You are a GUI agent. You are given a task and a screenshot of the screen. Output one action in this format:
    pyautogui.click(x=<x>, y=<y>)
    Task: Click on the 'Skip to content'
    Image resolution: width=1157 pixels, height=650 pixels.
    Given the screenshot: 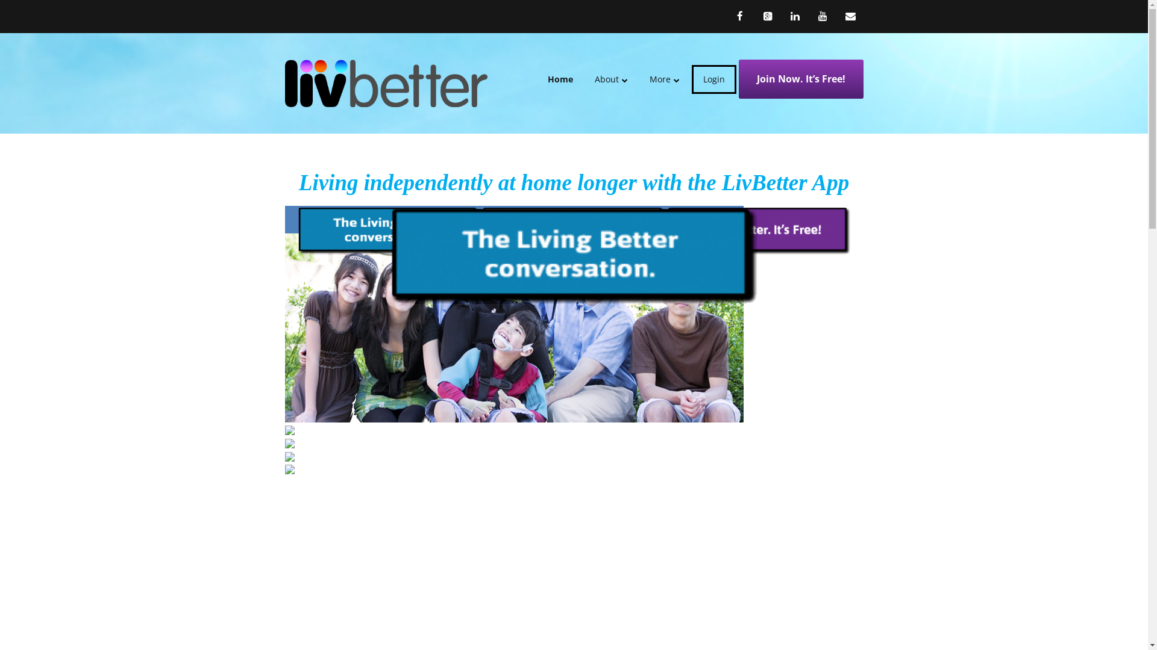 What is the action you would take?
    pyautogui.click(x=283, y=7)
    